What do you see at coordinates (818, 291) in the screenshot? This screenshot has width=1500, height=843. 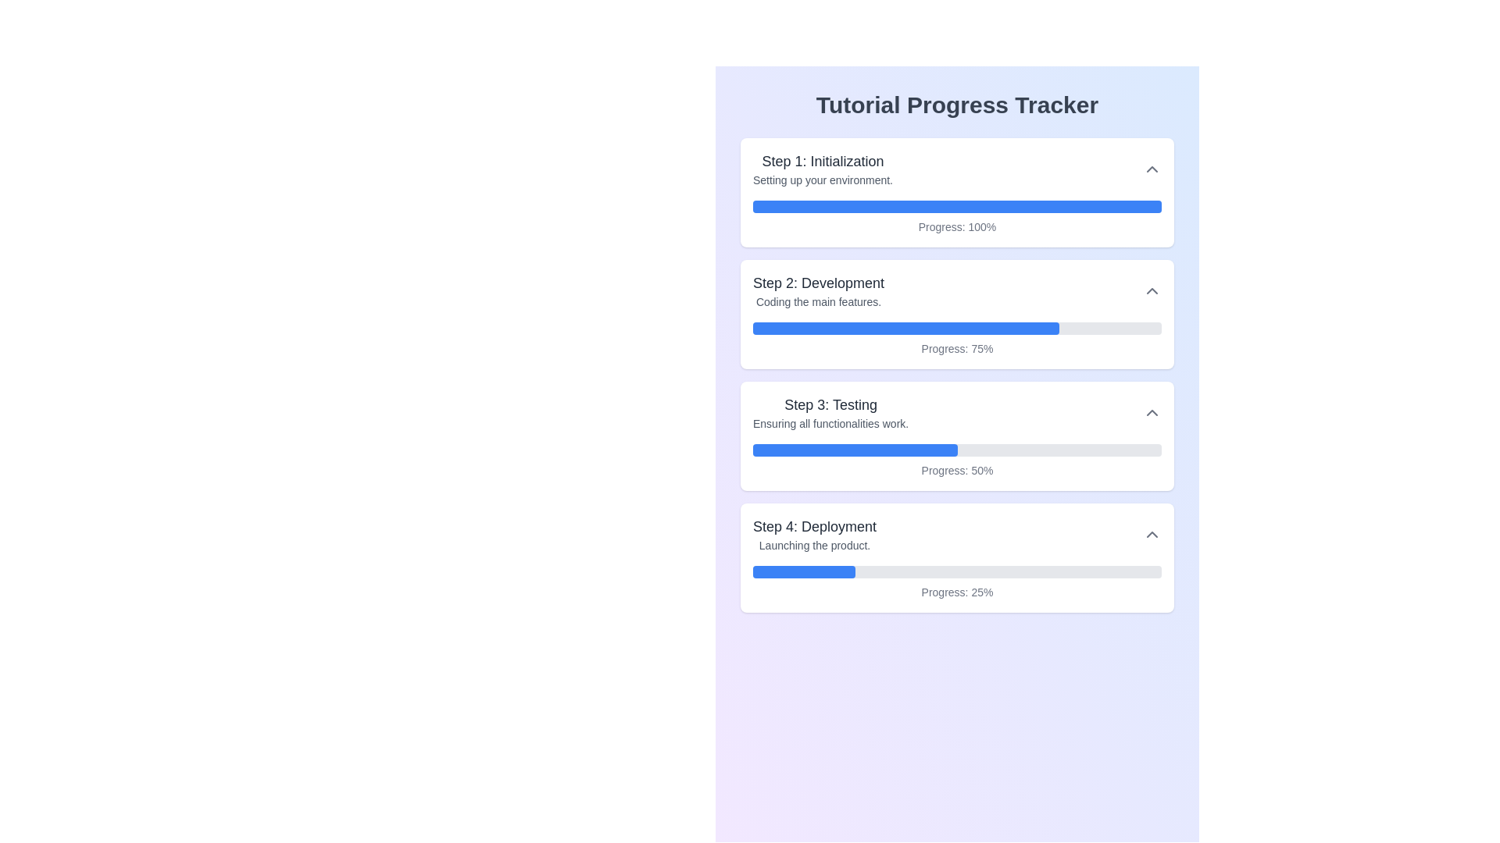 I see `text content of the Text display element that provides a title and description for Step 2 in the workflow, located below 'Step 1: Initialization' and above 'Step 3: Testing'` at bounding box center [818, 291].